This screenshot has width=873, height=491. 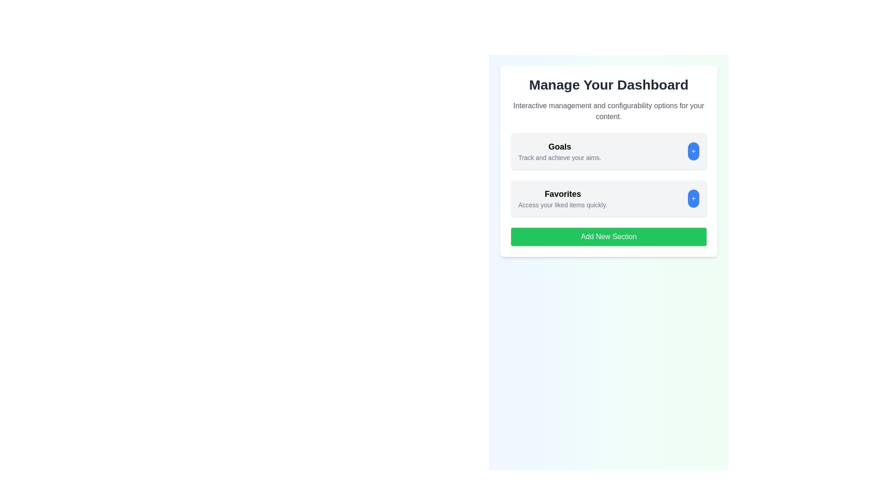 What do you see at coordinates (609, 111) in the screenshot?
I see `the supplementary information text that clarifies the functionalities of the dashboard, located below the title 'Manage Your Dashboard.'` at bounding box center [609, 111].